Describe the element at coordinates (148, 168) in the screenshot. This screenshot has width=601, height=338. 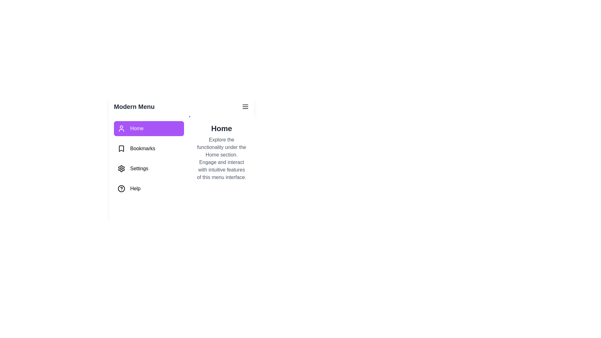
I see `the tab named Settings from the sidebar menu` at that location.